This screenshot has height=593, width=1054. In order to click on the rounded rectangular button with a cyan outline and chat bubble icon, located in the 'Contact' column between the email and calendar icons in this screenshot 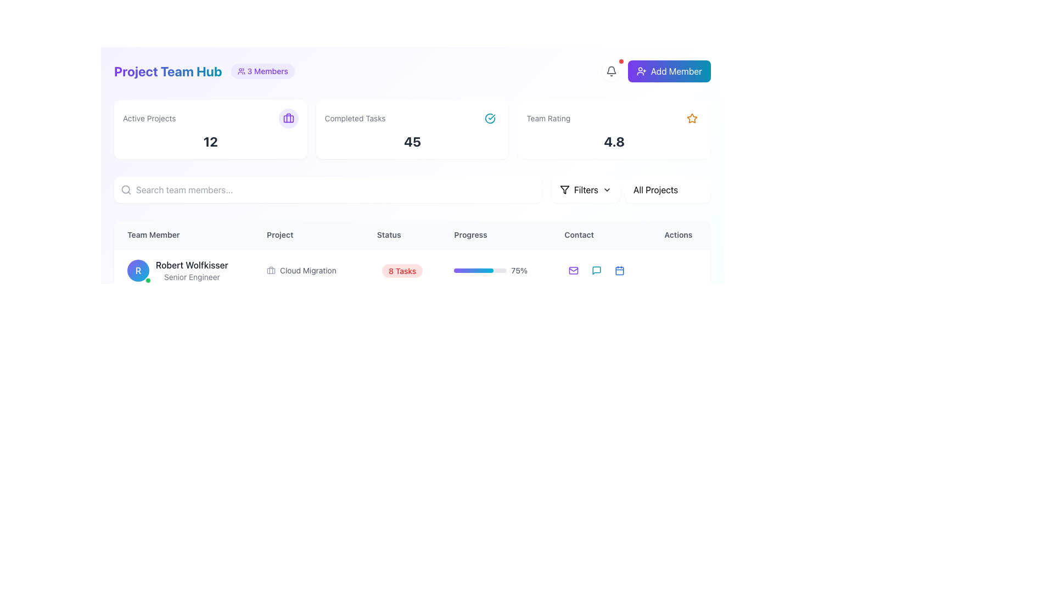, I will do `click(596, 271)`.